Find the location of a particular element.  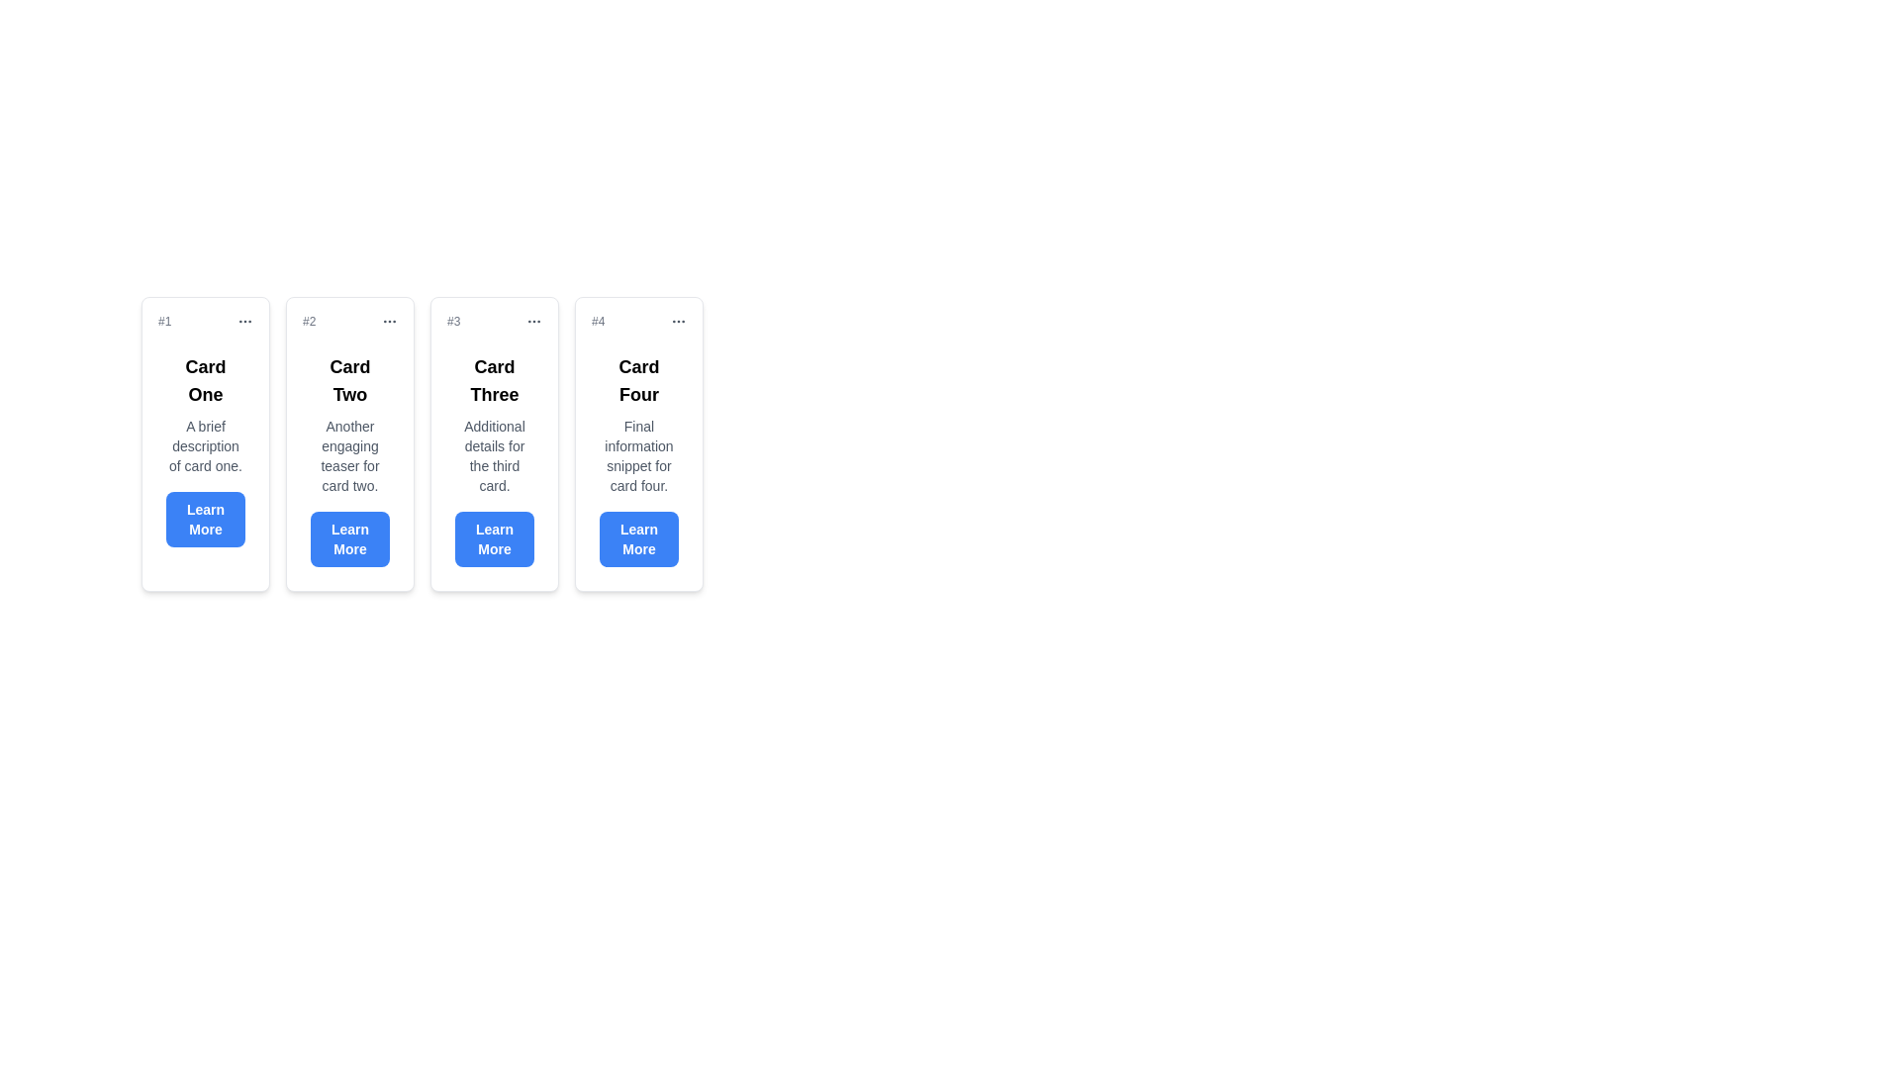

text from the small gray text label displaying '#4', which is positioned at the top-left corner of the header for 'Card Four' is located at coordinates (597, 320).